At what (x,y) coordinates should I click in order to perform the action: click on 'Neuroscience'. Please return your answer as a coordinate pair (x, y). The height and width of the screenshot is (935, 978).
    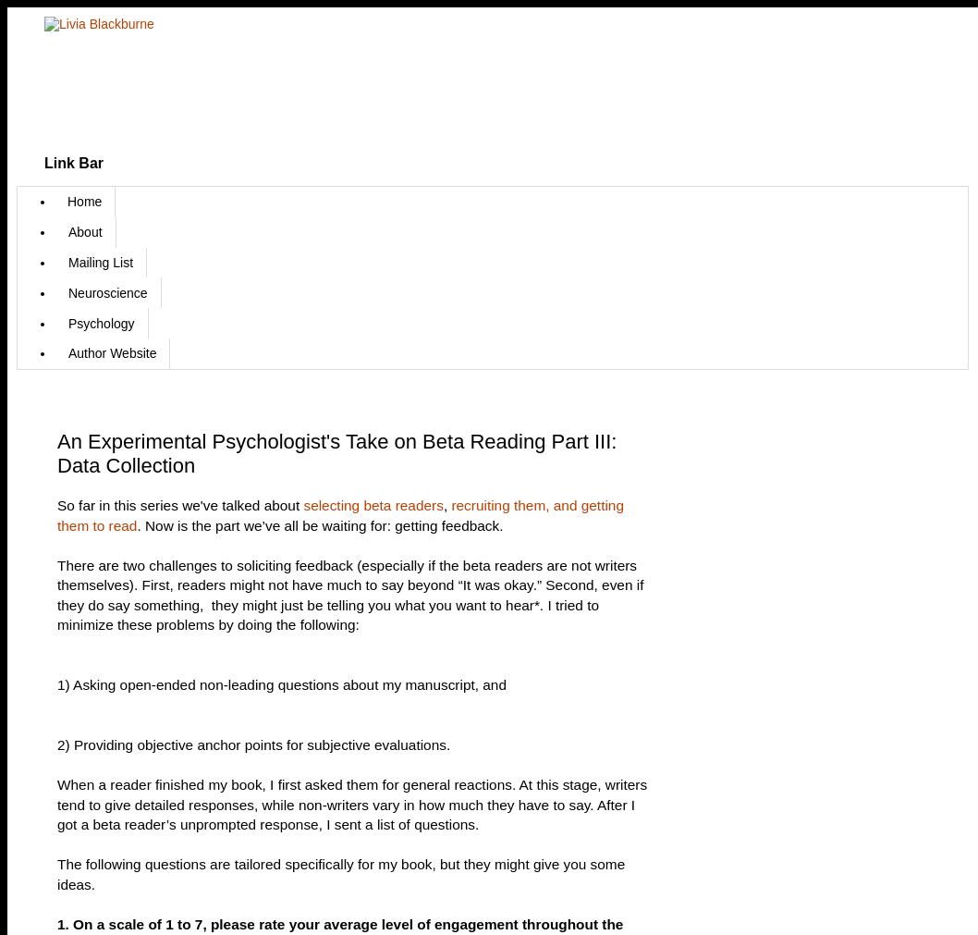
    Looking at the image, I should click on (106, 292).